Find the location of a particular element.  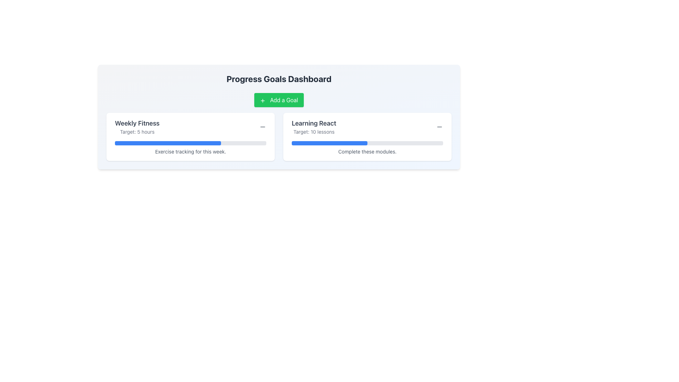

the 'Add New Goal' button located at the center-top of the 'Progress Goals Dashboard' section to interact is located at coordinates (278, 100).